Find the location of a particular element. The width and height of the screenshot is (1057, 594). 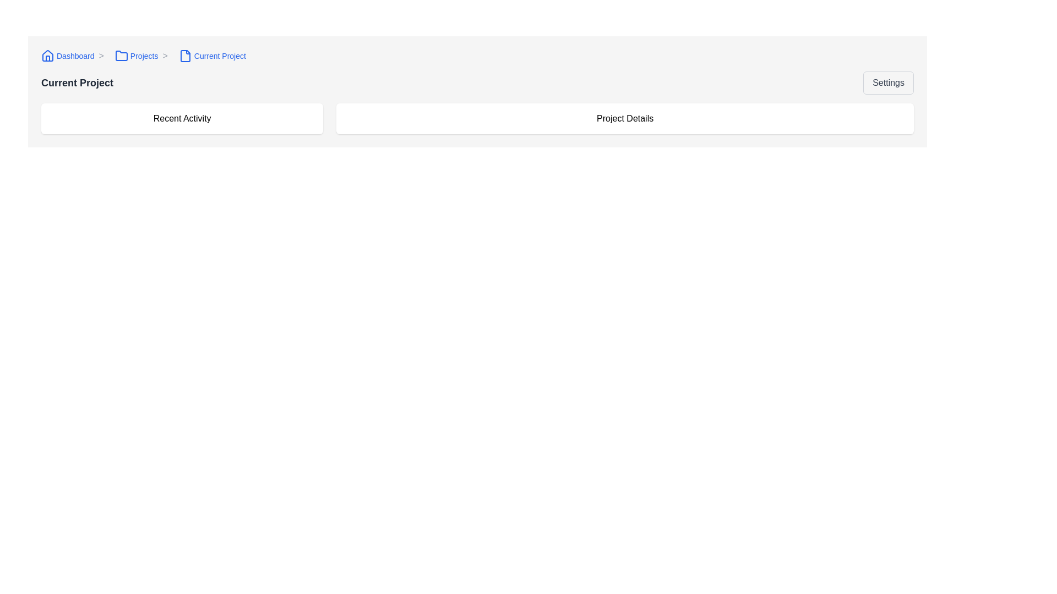

the 'Current Project' text label in the breadcrumb navigation bar to check for potential interactivity is located at coordinates (220, 56).